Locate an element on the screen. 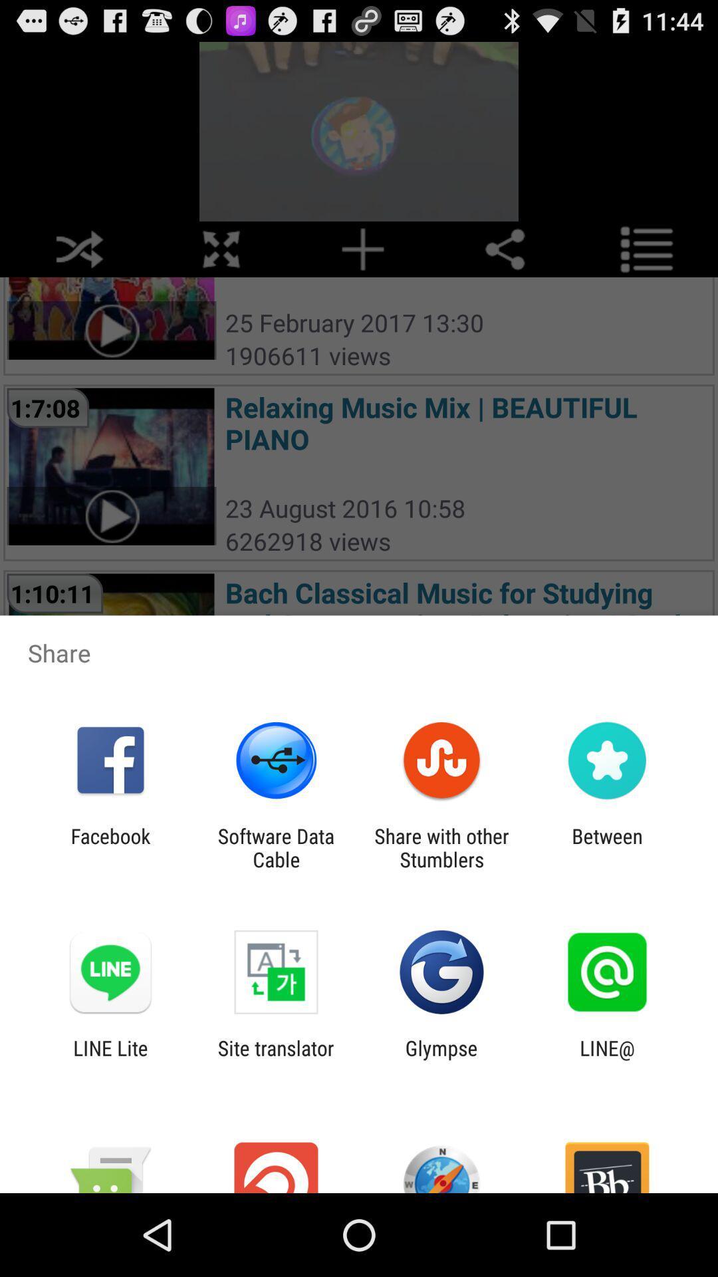  facebook item is located at coordinates (110, 847).